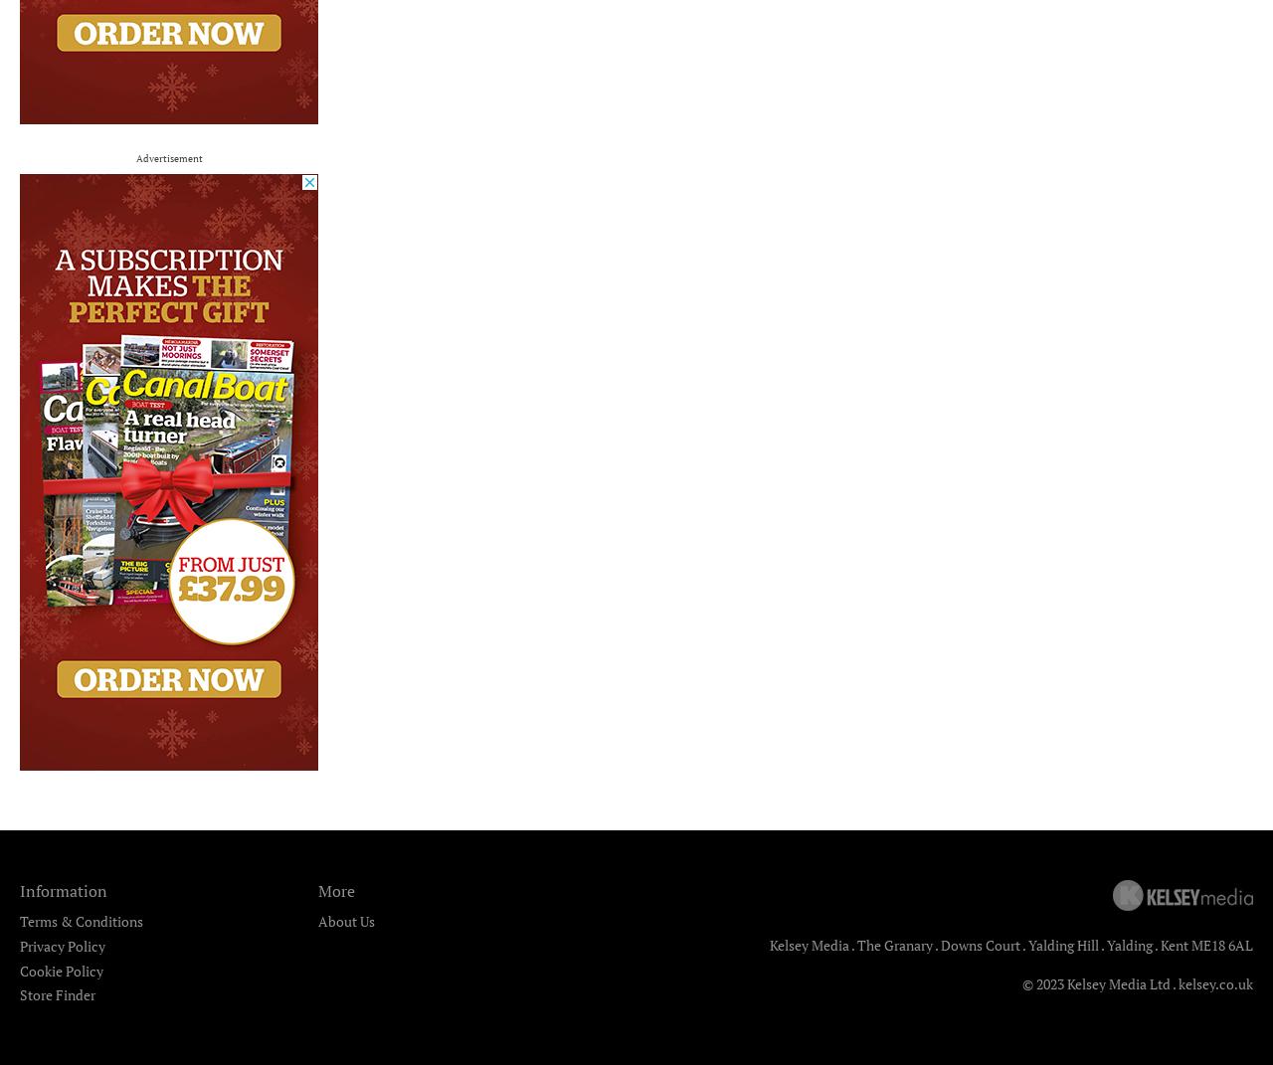  I want to click on 'Terms & Conditions', so click(81, 920).